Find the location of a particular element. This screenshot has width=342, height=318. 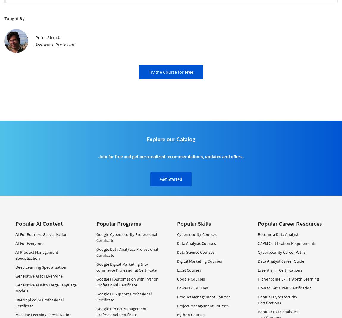

'Join for free and get personalized recommendations, updates and offers.' is located at coordinates (171, 156).